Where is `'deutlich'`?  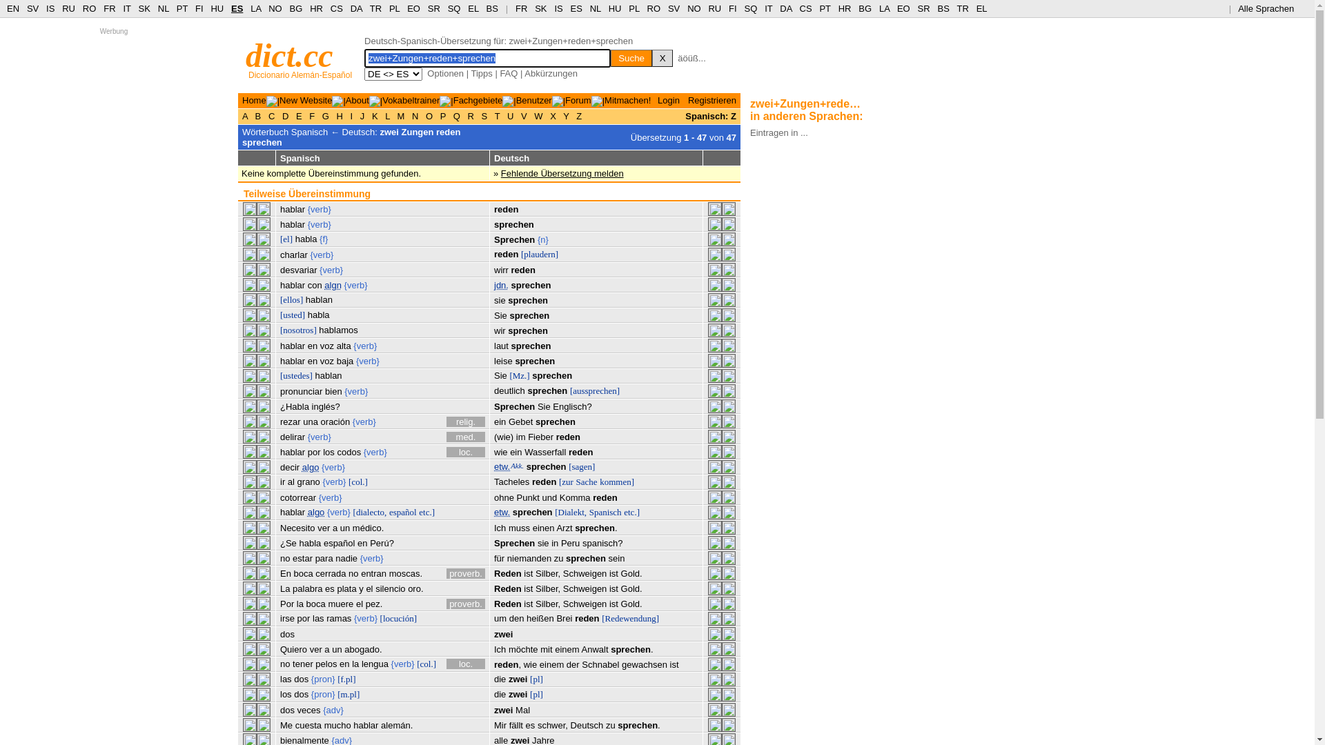 'deutlich' is located at coordinates (493, 390).